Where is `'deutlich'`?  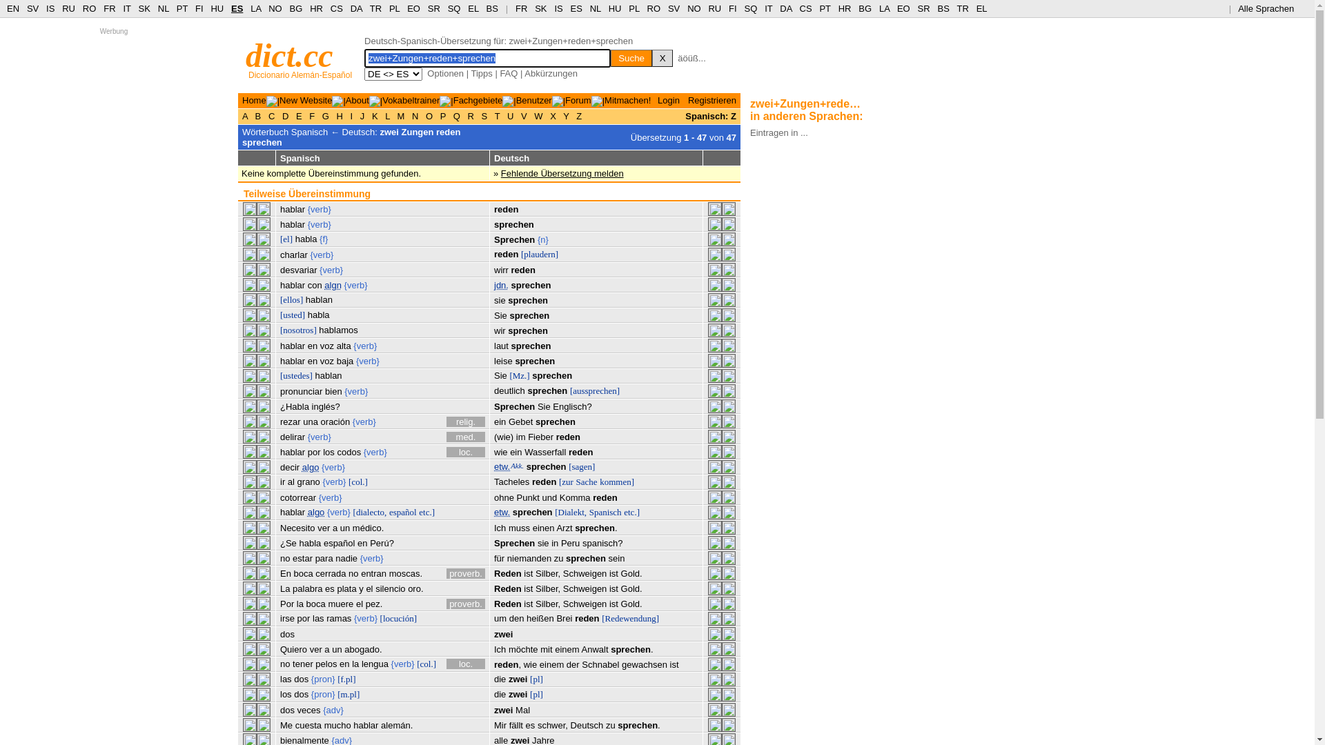 'deutlich' is located at coordinates (493, 390).